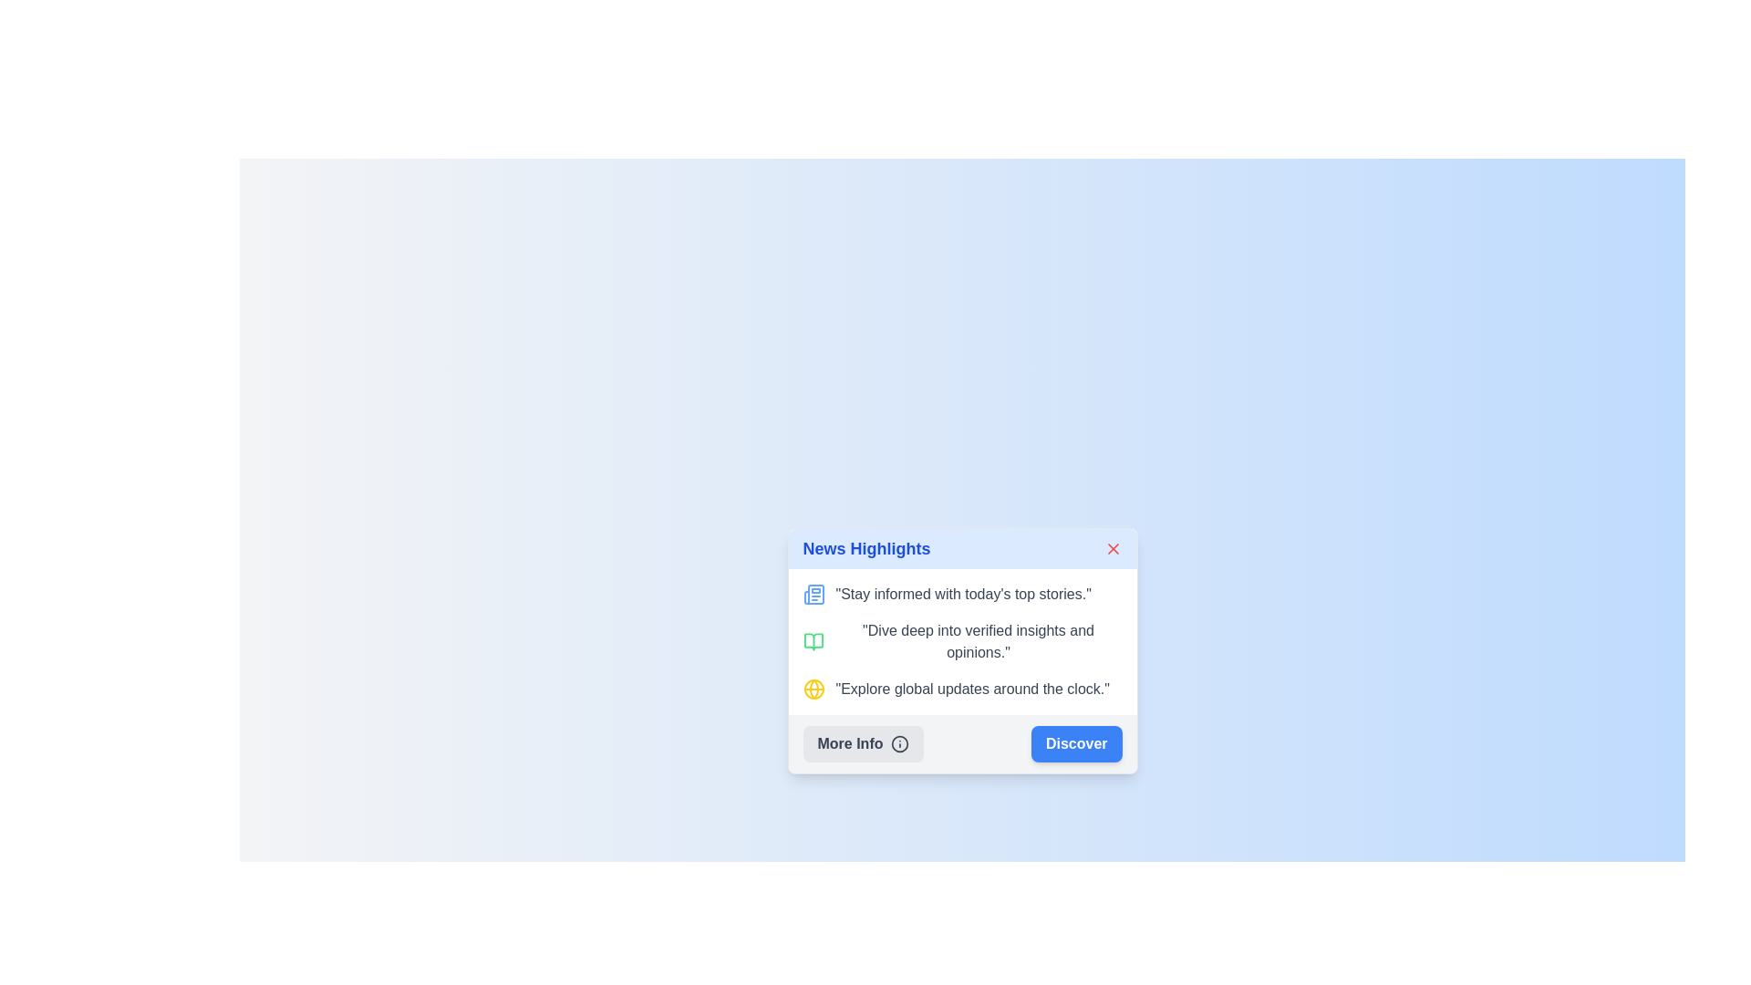 This screenshot has height=985, width=1751. Describe the element at coordinates (813, 689) in the screenshot. I see `the yellow globe icon, which is the leftmost icon in the third row of the 'News Highlights' informational box, located below the text 'Explore global updates around the clock.'` at that location.